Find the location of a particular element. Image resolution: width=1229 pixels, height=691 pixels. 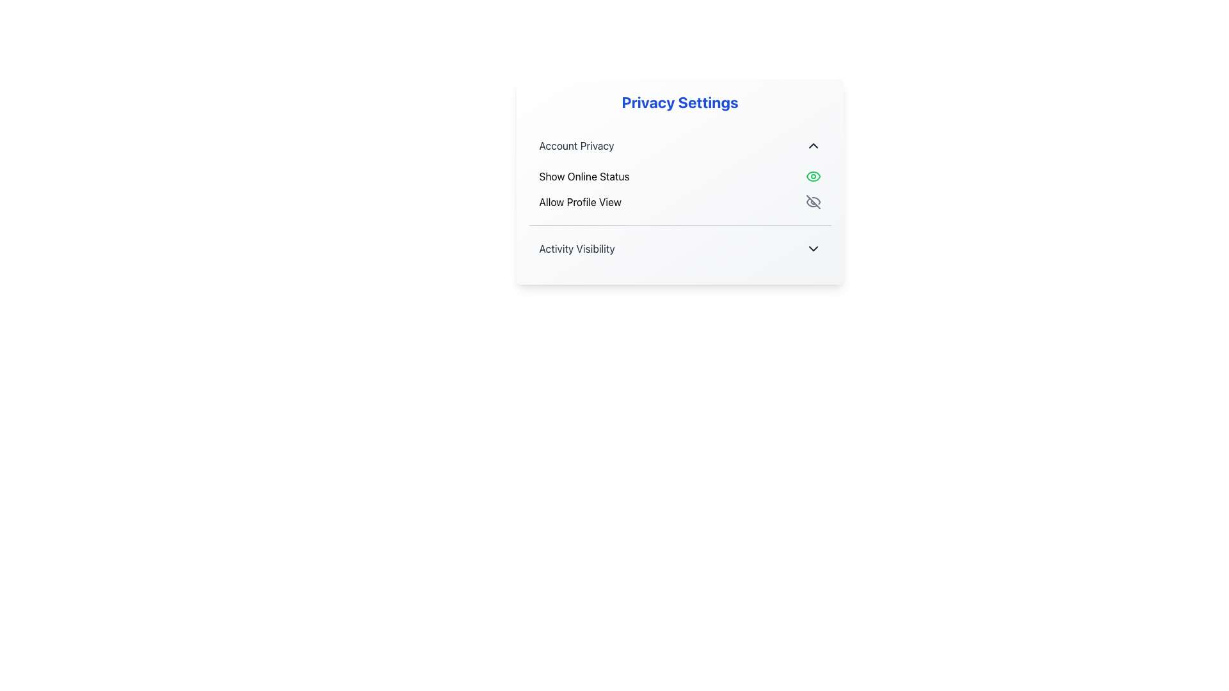

the text label displaying 'Allow Profile View' in black font, located in the privacy settings section, positioned before the eye icon and as the third row item is located at coordinates (579, 202).